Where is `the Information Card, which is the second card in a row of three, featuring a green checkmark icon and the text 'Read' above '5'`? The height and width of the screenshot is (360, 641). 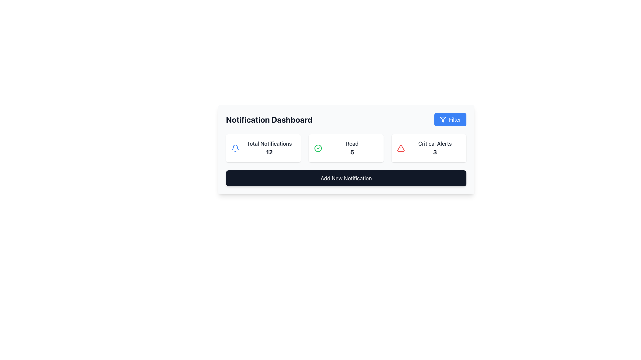 the Information Card, which is the second card in a row of three, featuring a green checkmark icon and the text 'Read' above '5' is located at coordinates (346, 148).